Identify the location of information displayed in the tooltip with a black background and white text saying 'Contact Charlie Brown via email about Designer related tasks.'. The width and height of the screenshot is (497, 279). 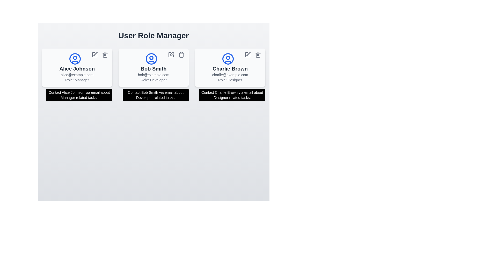
(232, 95).